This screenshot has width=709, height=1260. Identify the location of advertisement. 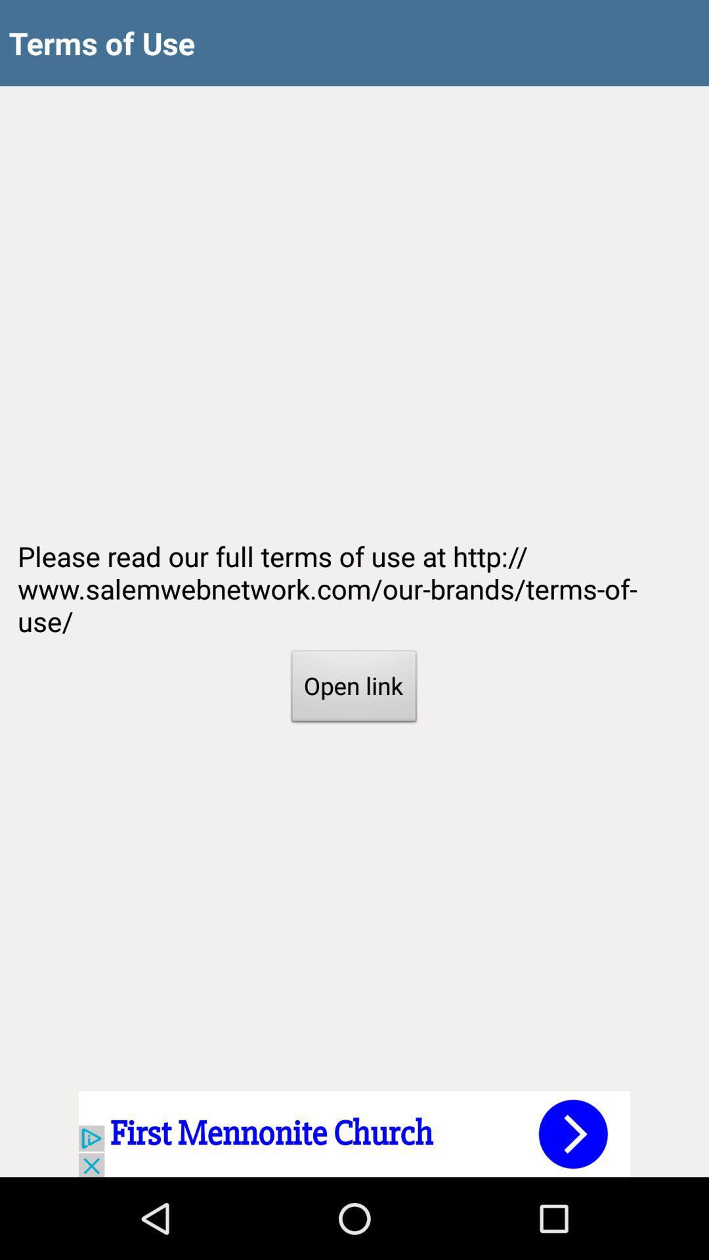
(354, 1133).